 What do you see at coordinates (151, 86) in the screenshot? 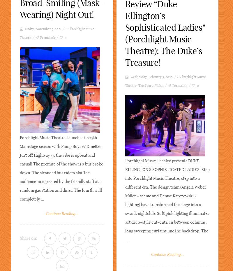
I see `'The Fourth Walsh'` at bounding box center [151, 86].